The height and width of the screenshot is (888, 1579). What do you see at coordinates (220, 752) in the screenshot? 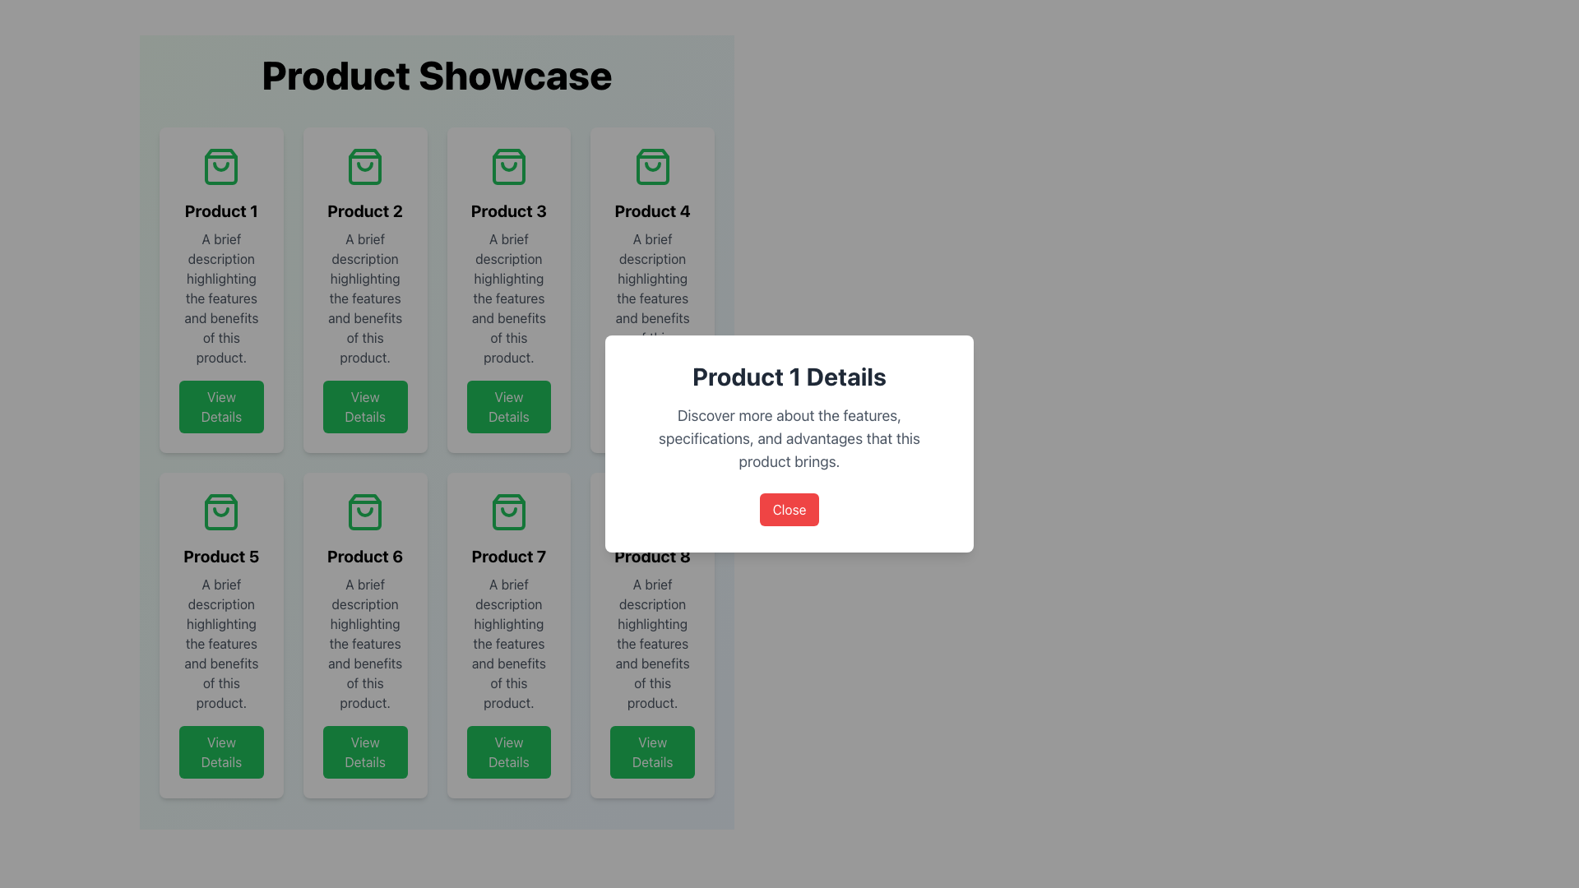
I see `the button located at the bottom of the 'Product 5' card` at bounding box center [220, 752].